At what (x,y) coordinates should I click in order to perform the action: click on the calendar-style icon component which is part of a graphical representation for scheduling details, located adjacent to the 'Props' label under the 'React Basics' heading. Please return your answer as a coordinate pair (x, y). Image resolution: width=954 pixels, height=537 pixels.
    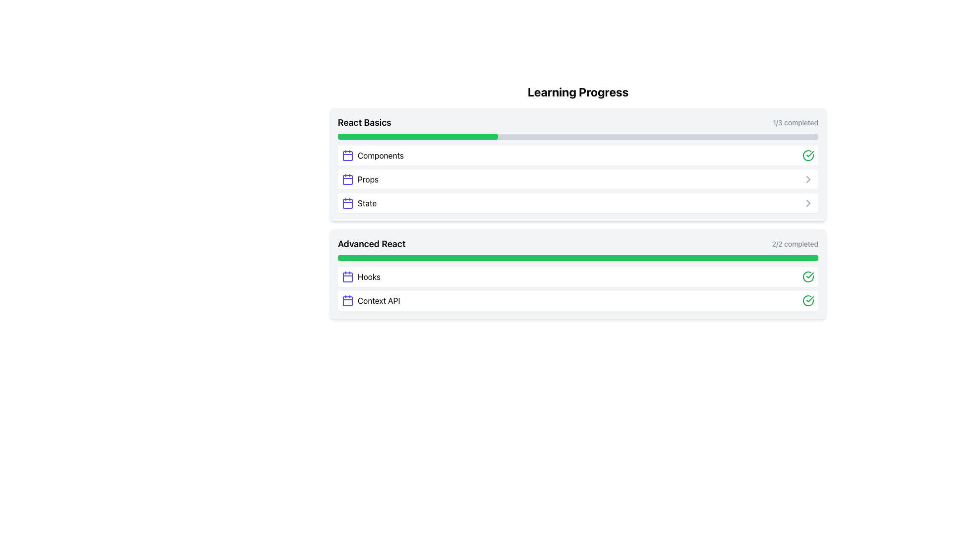
    Looking at the image, I should click on (348, 180).